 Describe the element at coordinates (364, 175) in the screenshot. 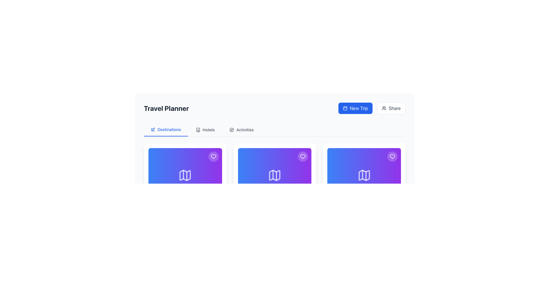

I see `the third button-like card element in the travel planner interface` at that location.